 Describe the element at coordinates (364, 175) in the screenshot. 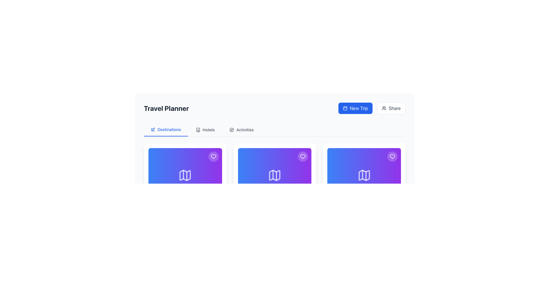

I see `the third button-like card element in the travel planner interface` at that location.